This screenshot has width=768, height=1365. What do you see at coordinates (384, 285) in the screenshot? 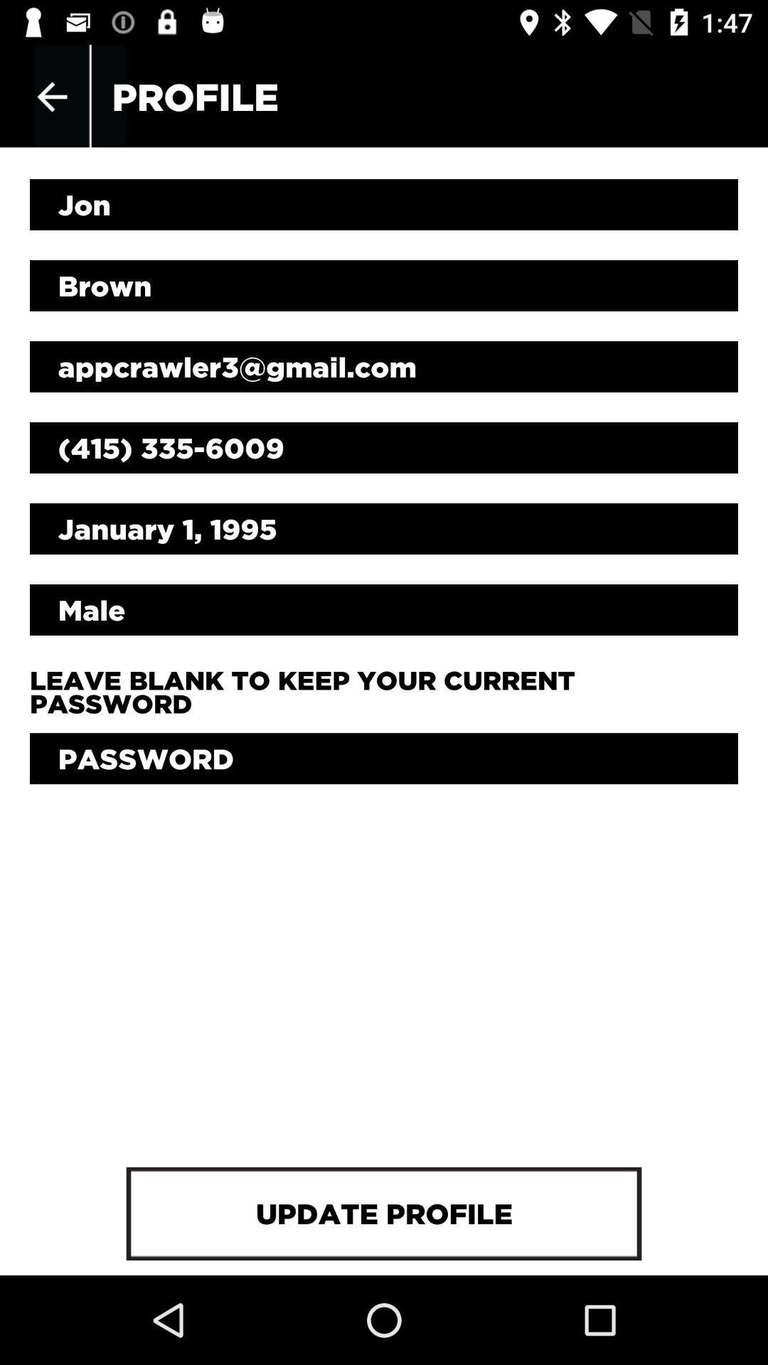
I see `item above appcrawler3@gmail.com icon` at bounding box center [384, 285].